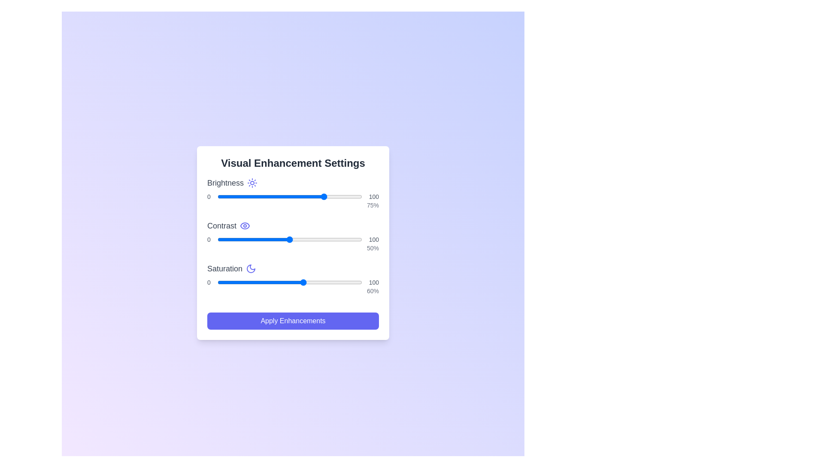 Image resolution: width=824 pixels, height=463 pixels. Describe the element at coordinates (227, 240) in the screenshot. I see `the contrast slider to set the contrast to 7%` at that location.